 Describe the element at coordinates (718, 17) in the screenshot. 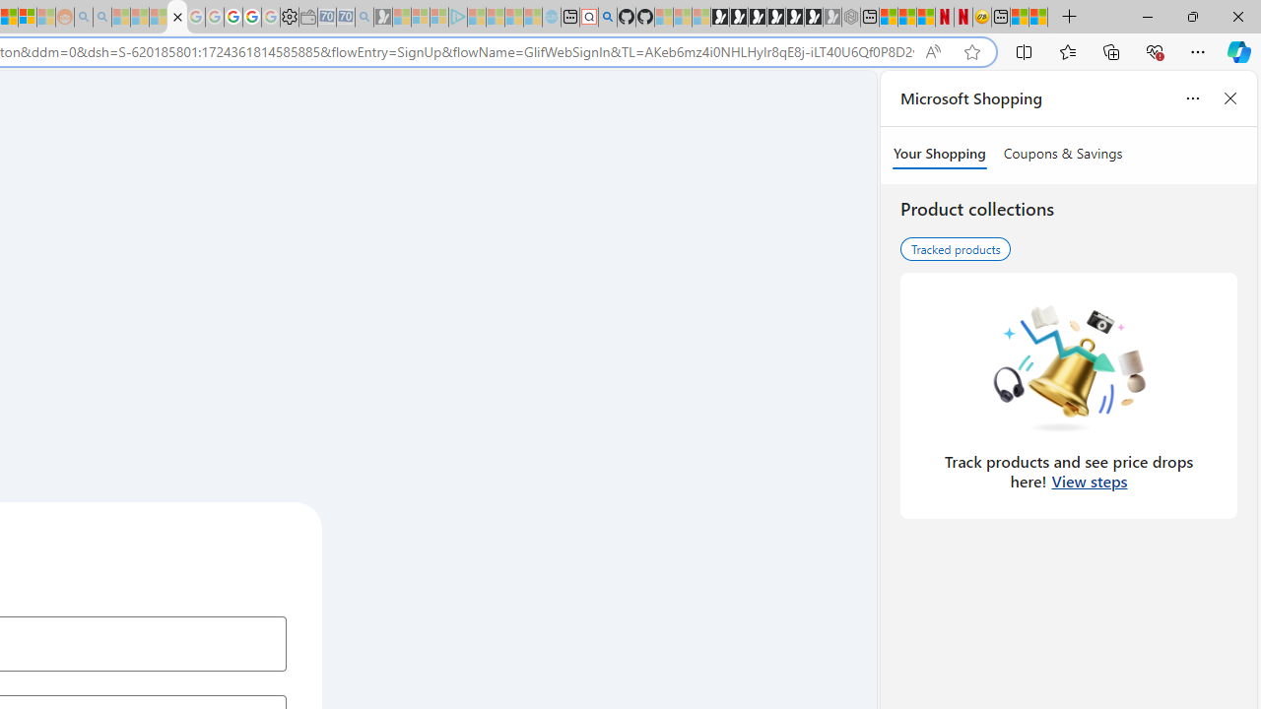

I see `'Play Free Online Games | Games from Microsoft Start'` at that location.